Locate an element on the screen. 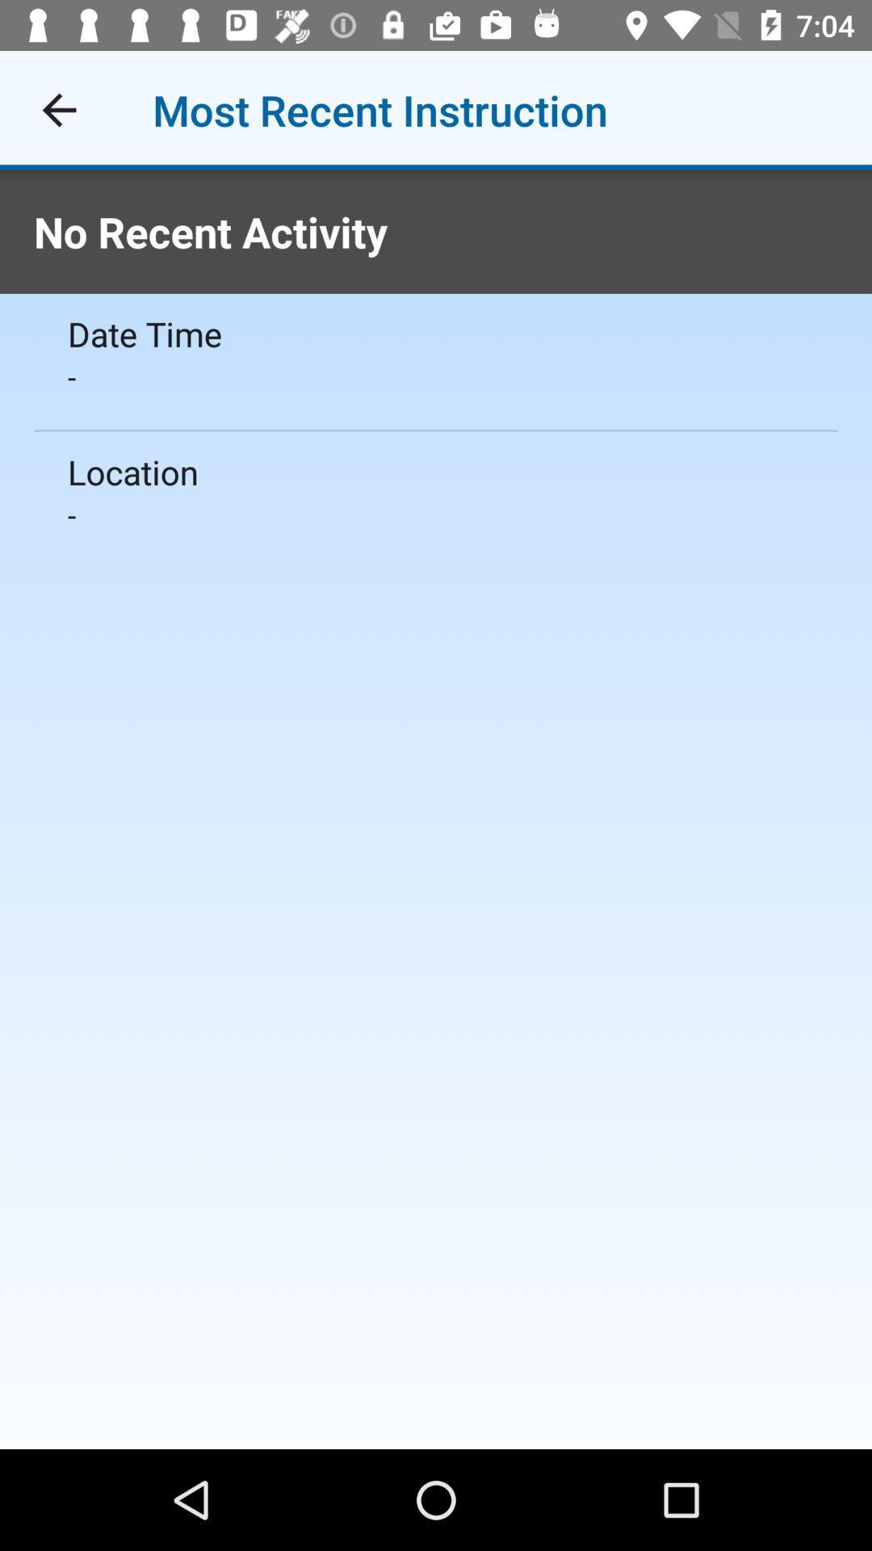  the icon above location icon is located at coordinates (436, 376).